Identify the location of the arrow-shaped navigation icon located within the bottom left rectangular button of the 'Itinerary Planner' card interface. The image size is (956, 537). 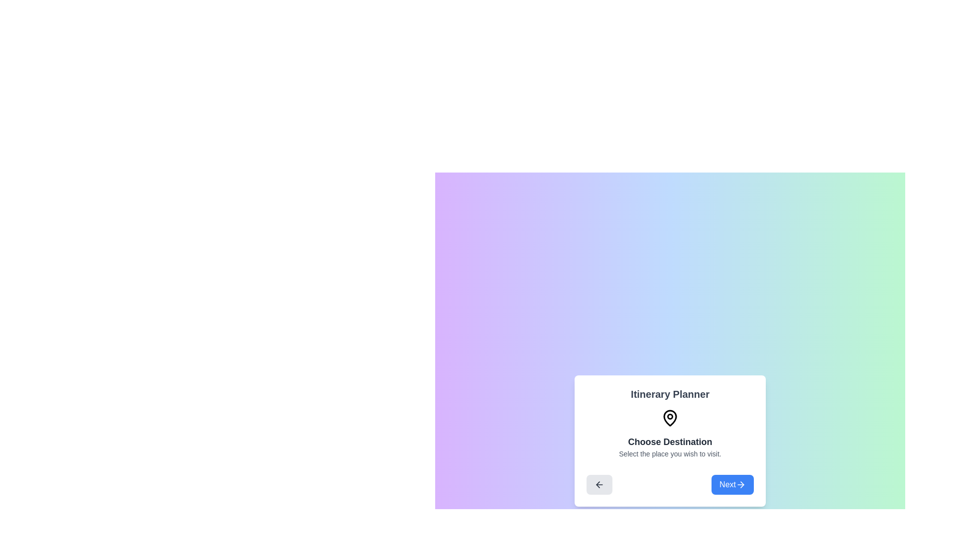
(599, 484).